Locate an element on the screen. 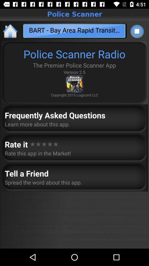  the app next to bart bay area is located at coordinates (137, 31).